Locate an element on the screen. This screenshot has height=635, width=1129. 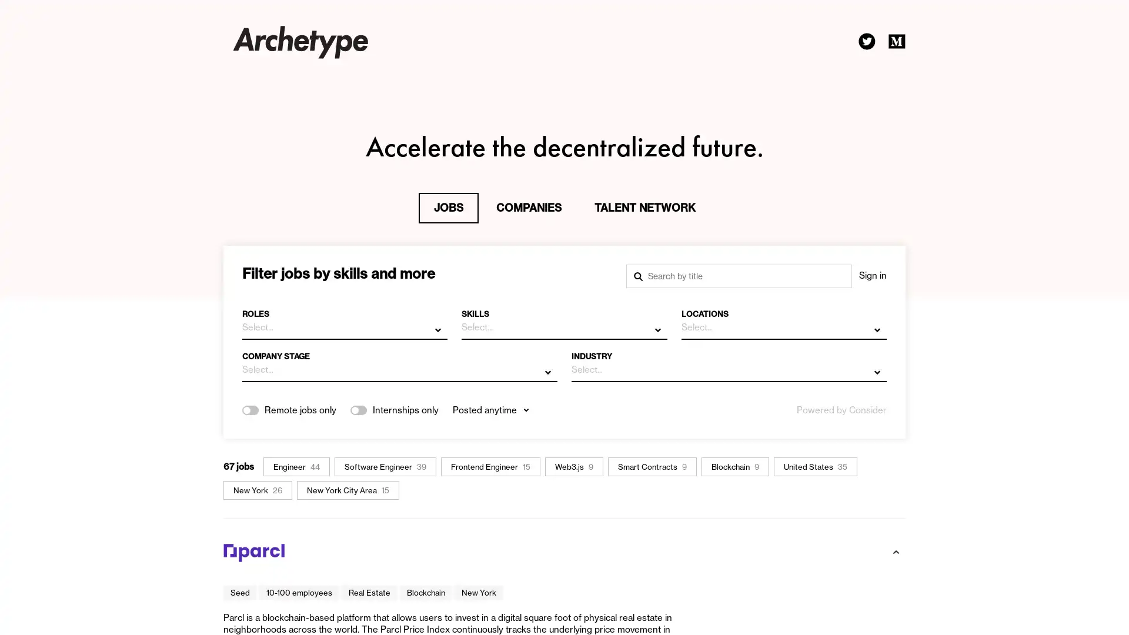
INDUSTRY Select... is located at coordinates (728, 362).